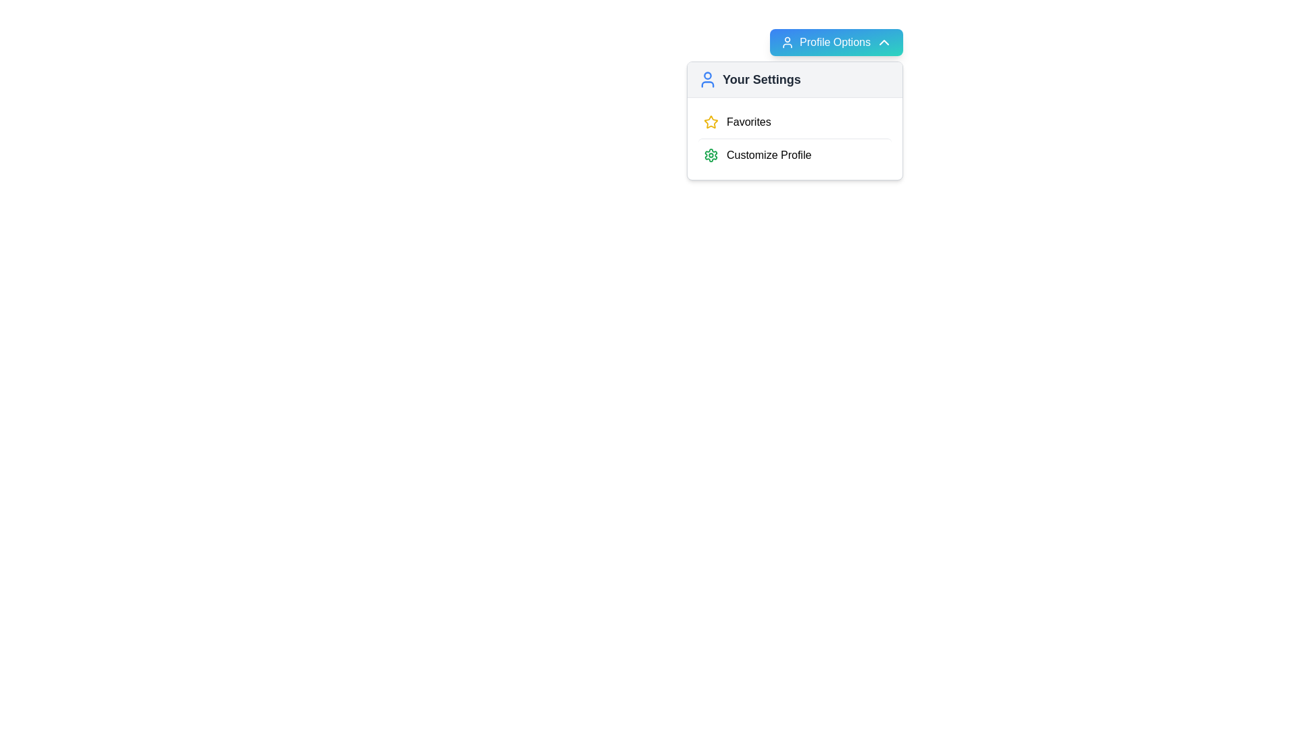  What do you see at coordinates (706, 76) in the screenshot?
I see `the circular part of the user profile icon within the SVG graphic, which is positioned near the top of the dropdown settings menu next to 'Your Settings'` at bounding box center [706, 76].